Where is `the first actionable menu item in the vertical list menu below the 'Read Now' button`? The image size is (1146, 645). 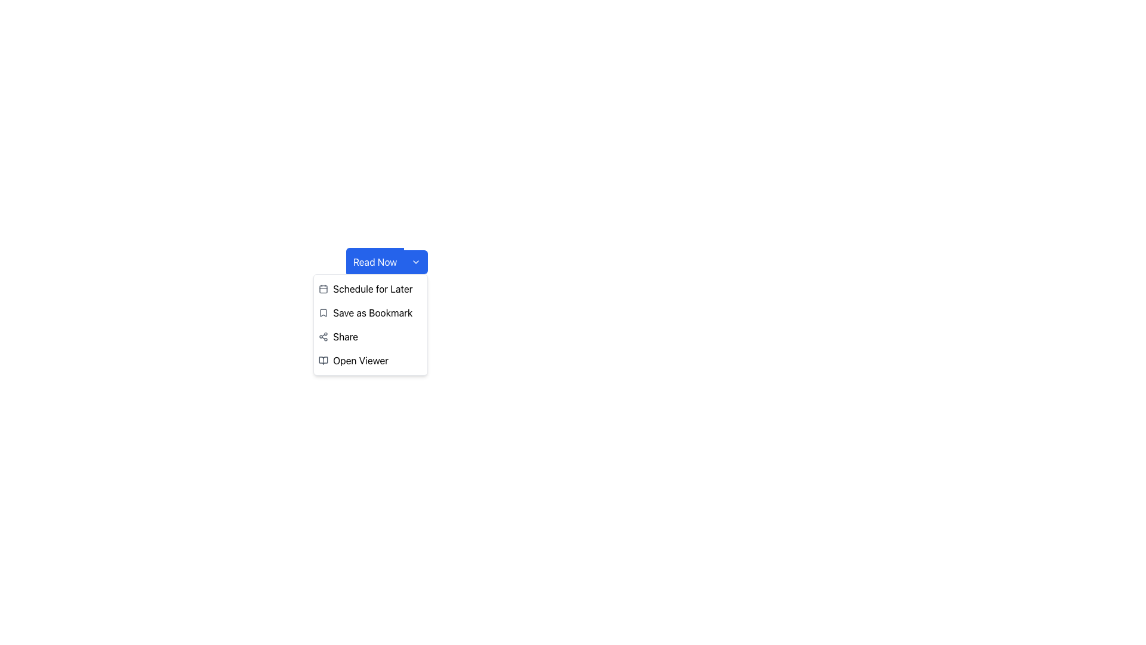
the first actionable menu item in the vertical list menu below the 'Read Now' button is located at coordinates (370, 288).